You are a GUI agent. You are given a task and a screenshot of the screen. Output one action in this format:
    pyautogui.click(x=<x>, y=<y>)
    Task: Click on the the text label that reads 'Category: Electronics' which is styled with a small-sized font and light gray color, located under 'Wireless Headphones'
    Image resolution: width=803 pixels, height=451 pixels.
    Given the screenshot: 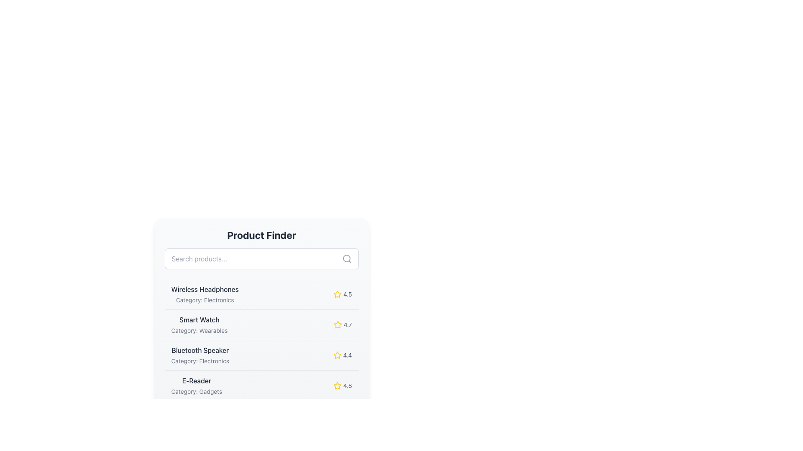 What is the action you would take?
    pyautogui.click(x=205, y=299)
    